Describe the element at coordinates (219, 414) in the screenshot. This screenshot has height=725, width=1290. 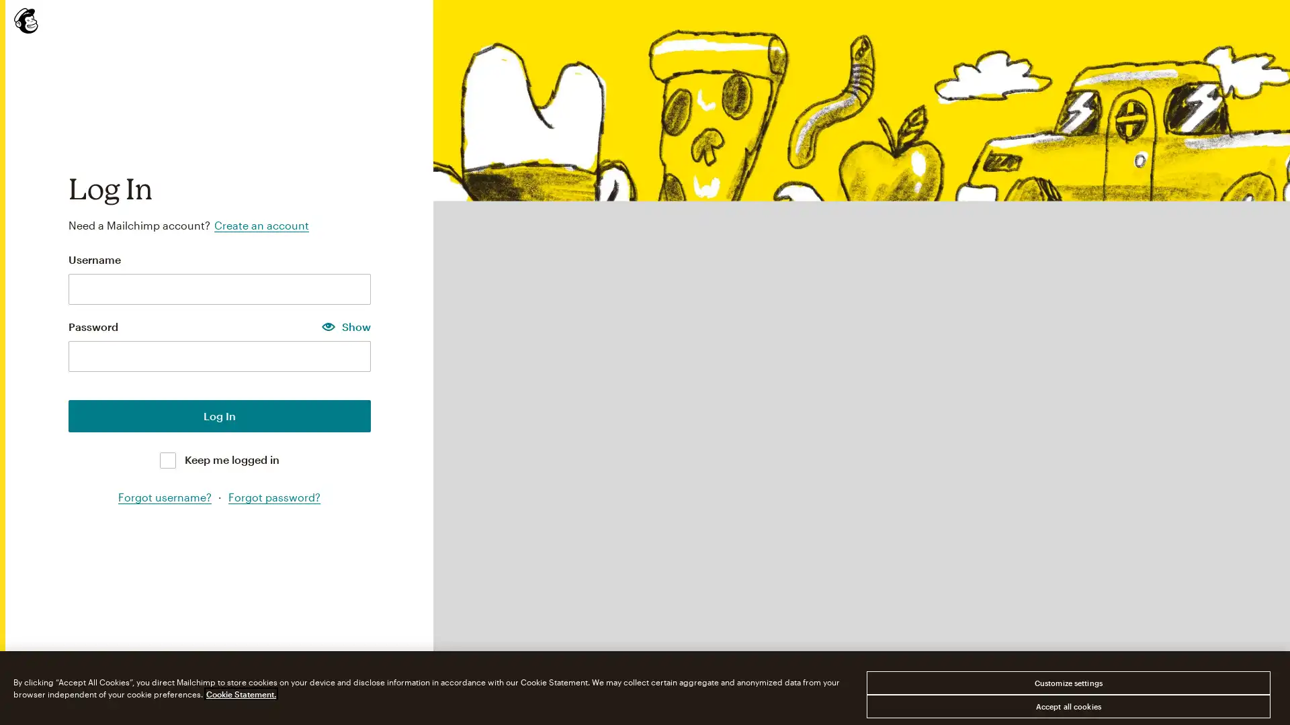
I see `Log In` at that location.